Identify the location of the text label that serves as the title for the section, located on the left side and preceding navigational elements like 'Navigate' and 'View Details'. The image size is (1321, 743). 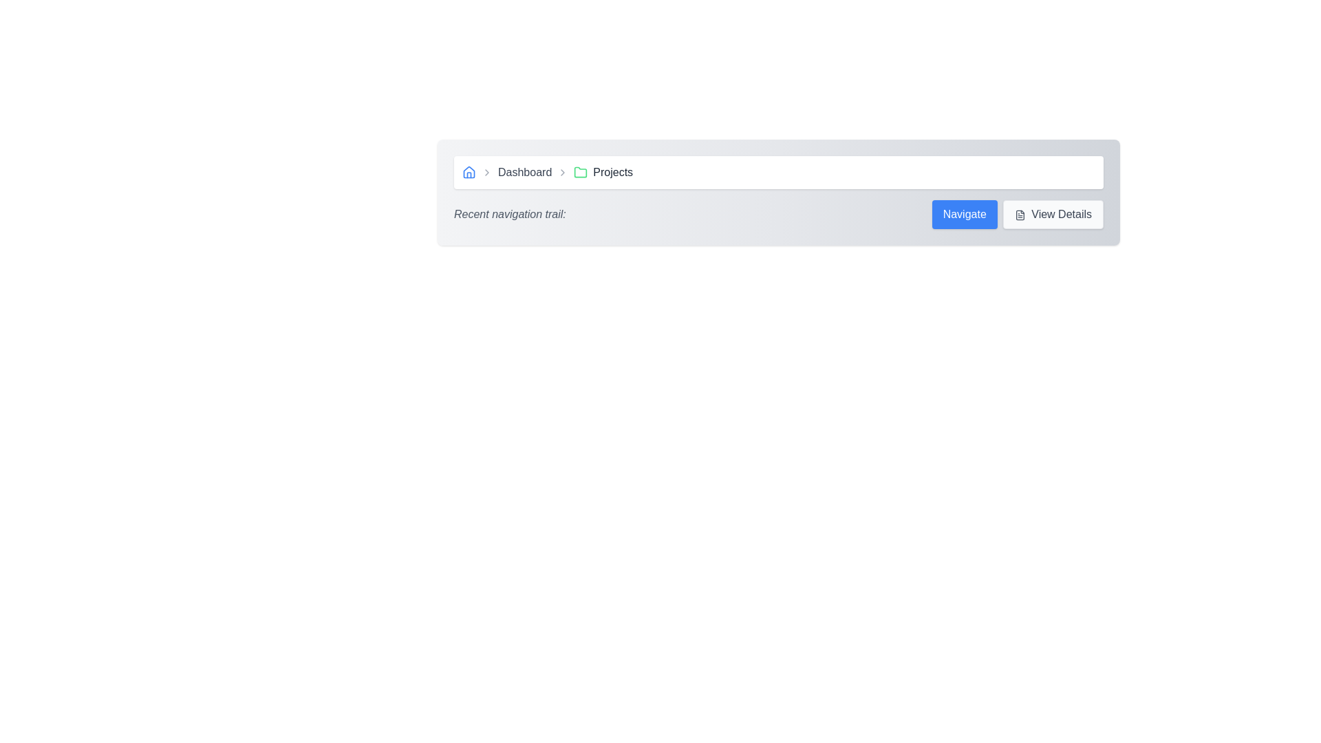
(509, 215).